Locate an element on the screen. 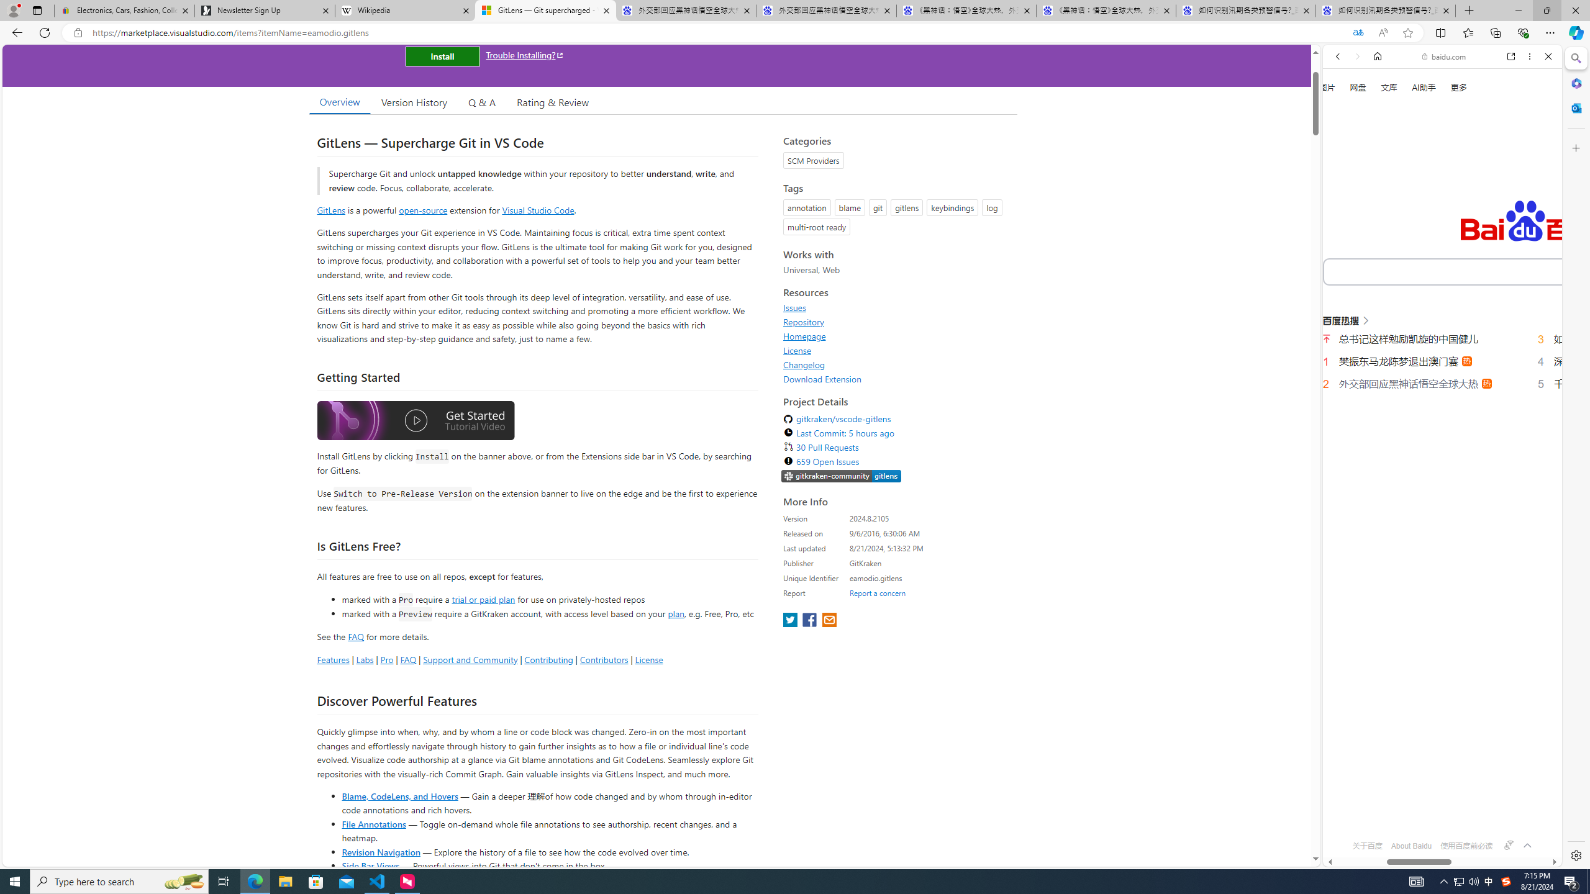 The width and height of the screenshot is (1590, 894). 'Repository' is located at coordinates (803, 321).